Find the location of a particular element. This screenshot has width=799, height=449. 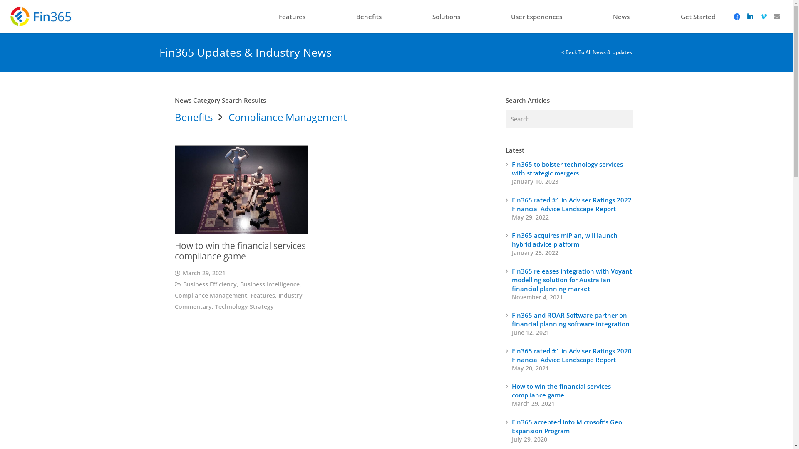

'Industry Commentary' is located at coordinates (174, 301).